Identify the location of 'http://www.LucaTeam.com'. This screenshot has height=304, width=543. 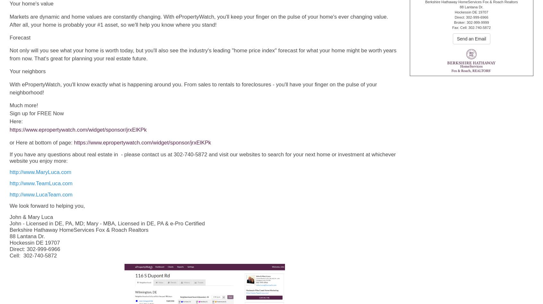
(41, 194).